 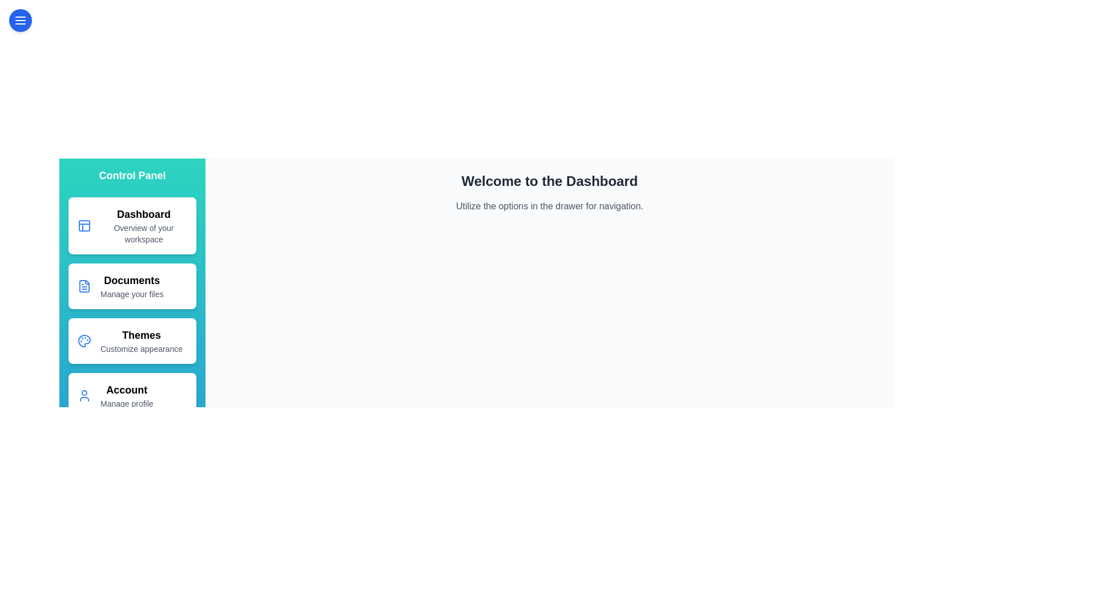 I want to click on the drawer option corresponding to Account to navigate to that section, so click(x=132, y=395).